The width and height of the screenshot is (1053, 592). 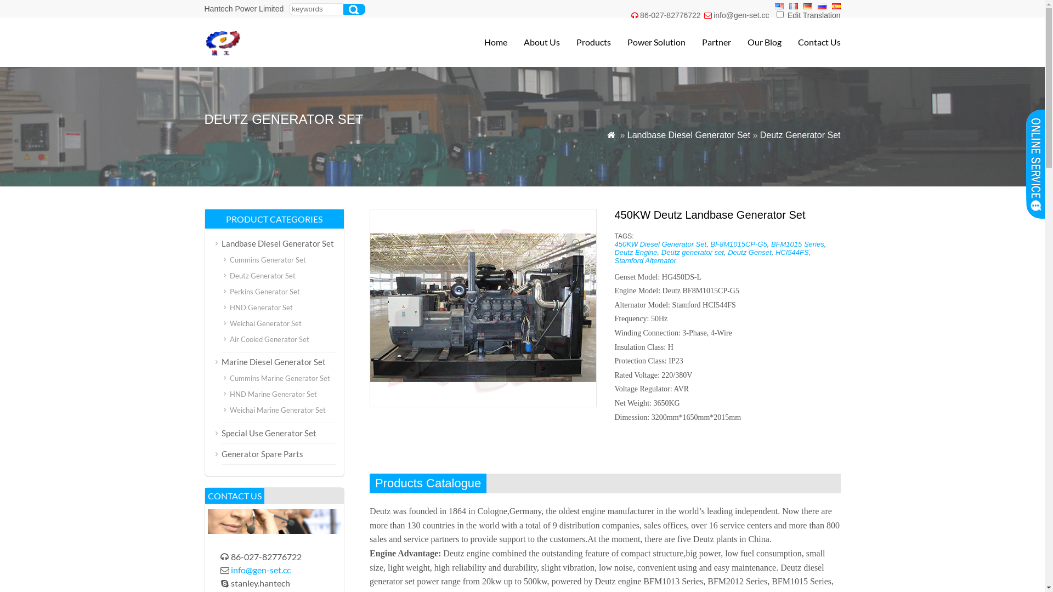 I want to click on 'Power Solution', so click(x=648, y=42).